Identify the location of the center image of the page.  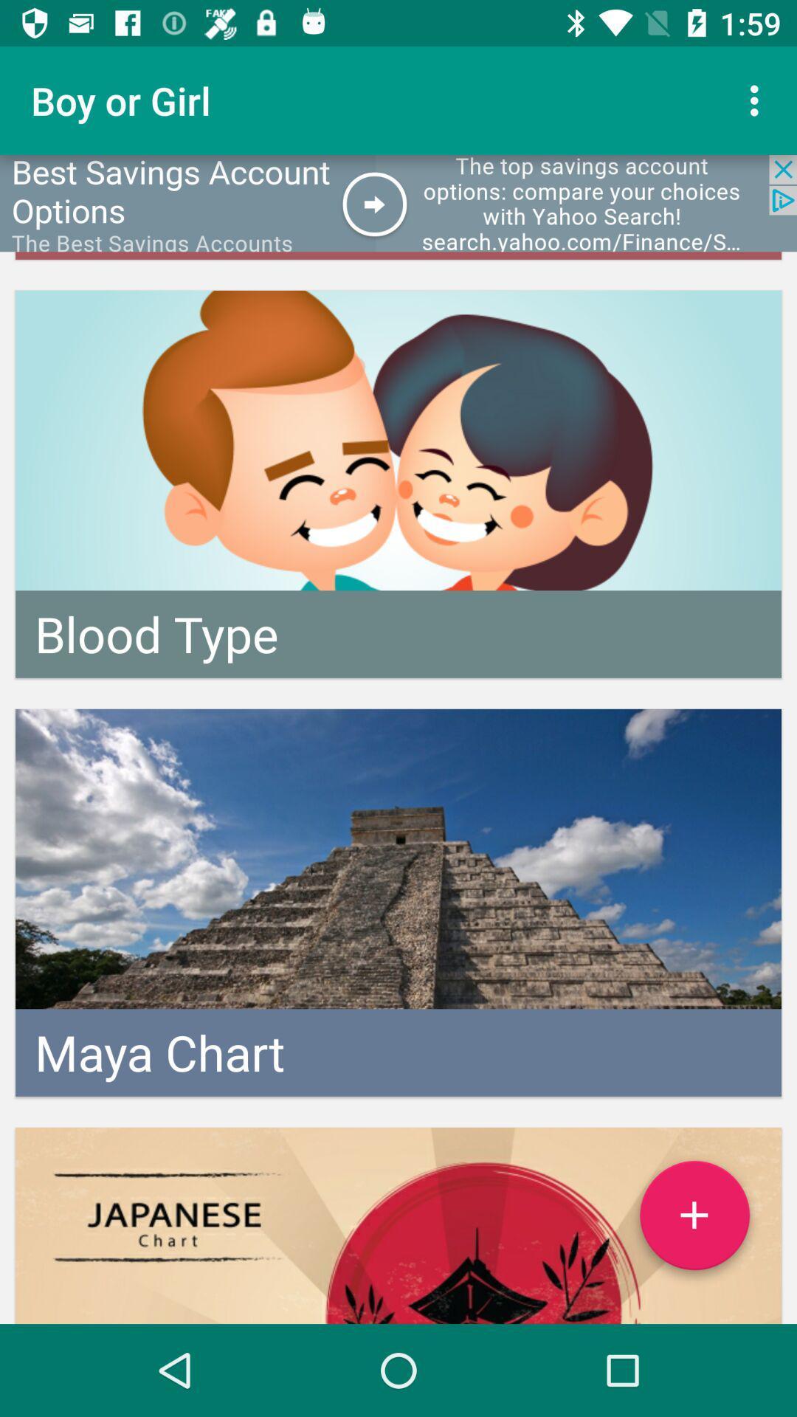
(398, 902).